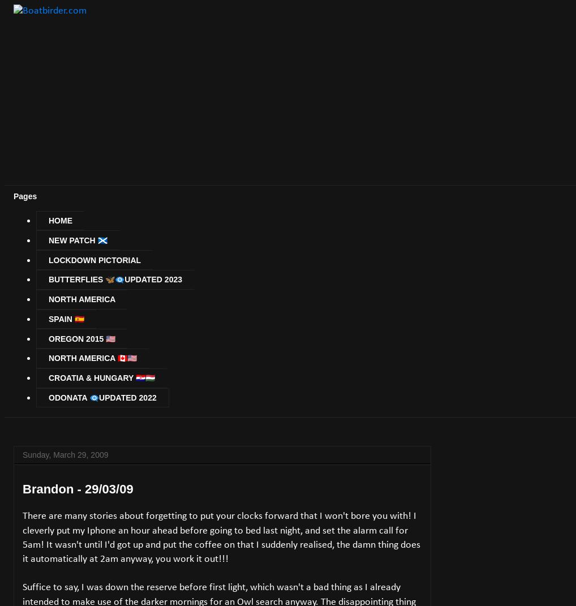 This screenshot has height=606, width=576. I want to click on 'There are many stories about forgetting to put your clocks forward that I won't bore you with! I cleverly put my Iphone an hour ahead before going to bed last night, and set the alarm call for 5am! It wasn't until I'd got up and put the coffee on that I suddenly realised, the damn thing does it automatically at 2am anyway, you work it out!!!', so click(221, 536).